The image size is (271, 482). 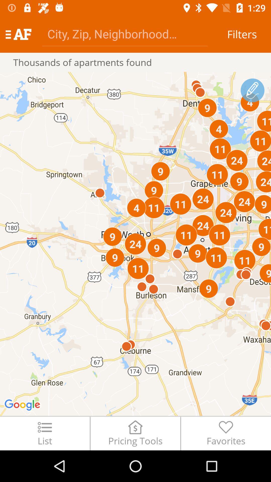 What do you see at coordinates (252, 90) in the screenshot?
I see `draw path` at bounding box center [252, 90].